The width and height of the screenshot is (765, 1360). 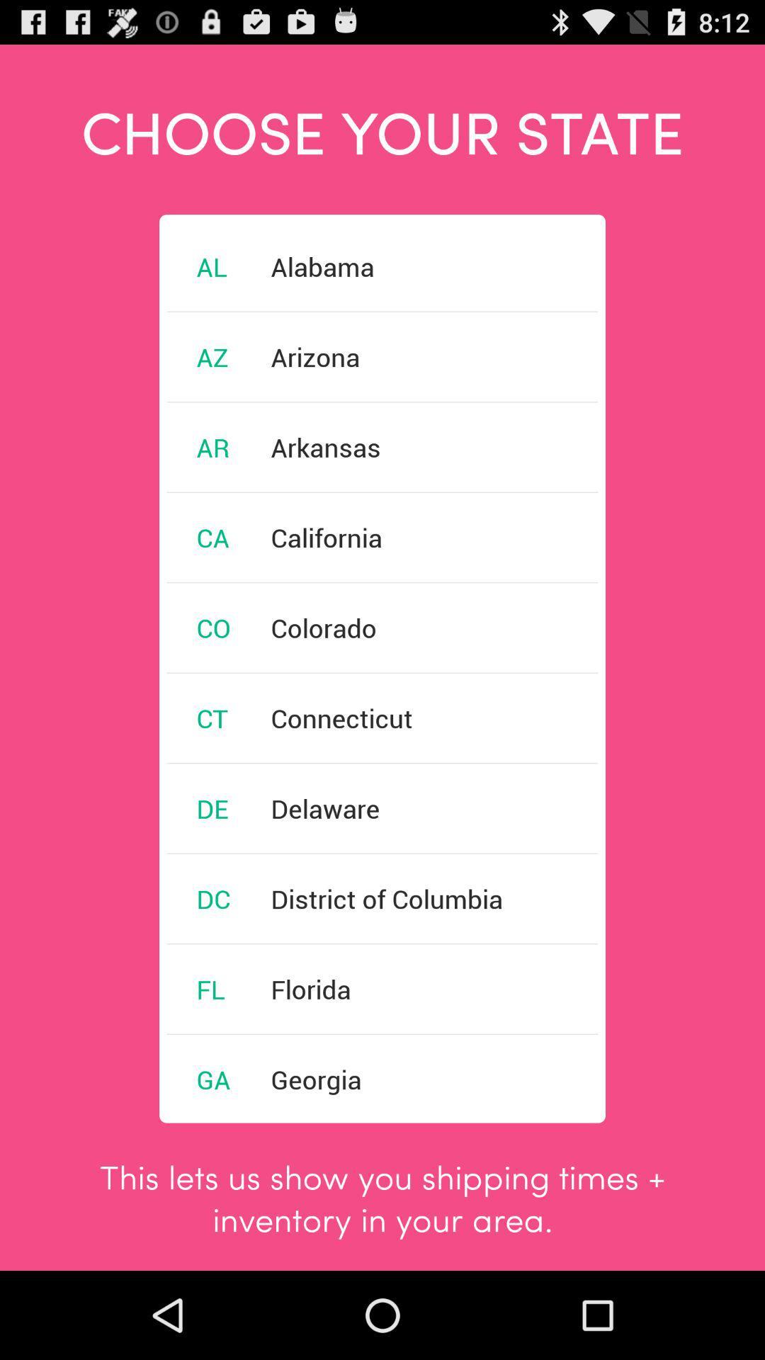 I want to click on item above the fl item, so click(x=213, y=897).